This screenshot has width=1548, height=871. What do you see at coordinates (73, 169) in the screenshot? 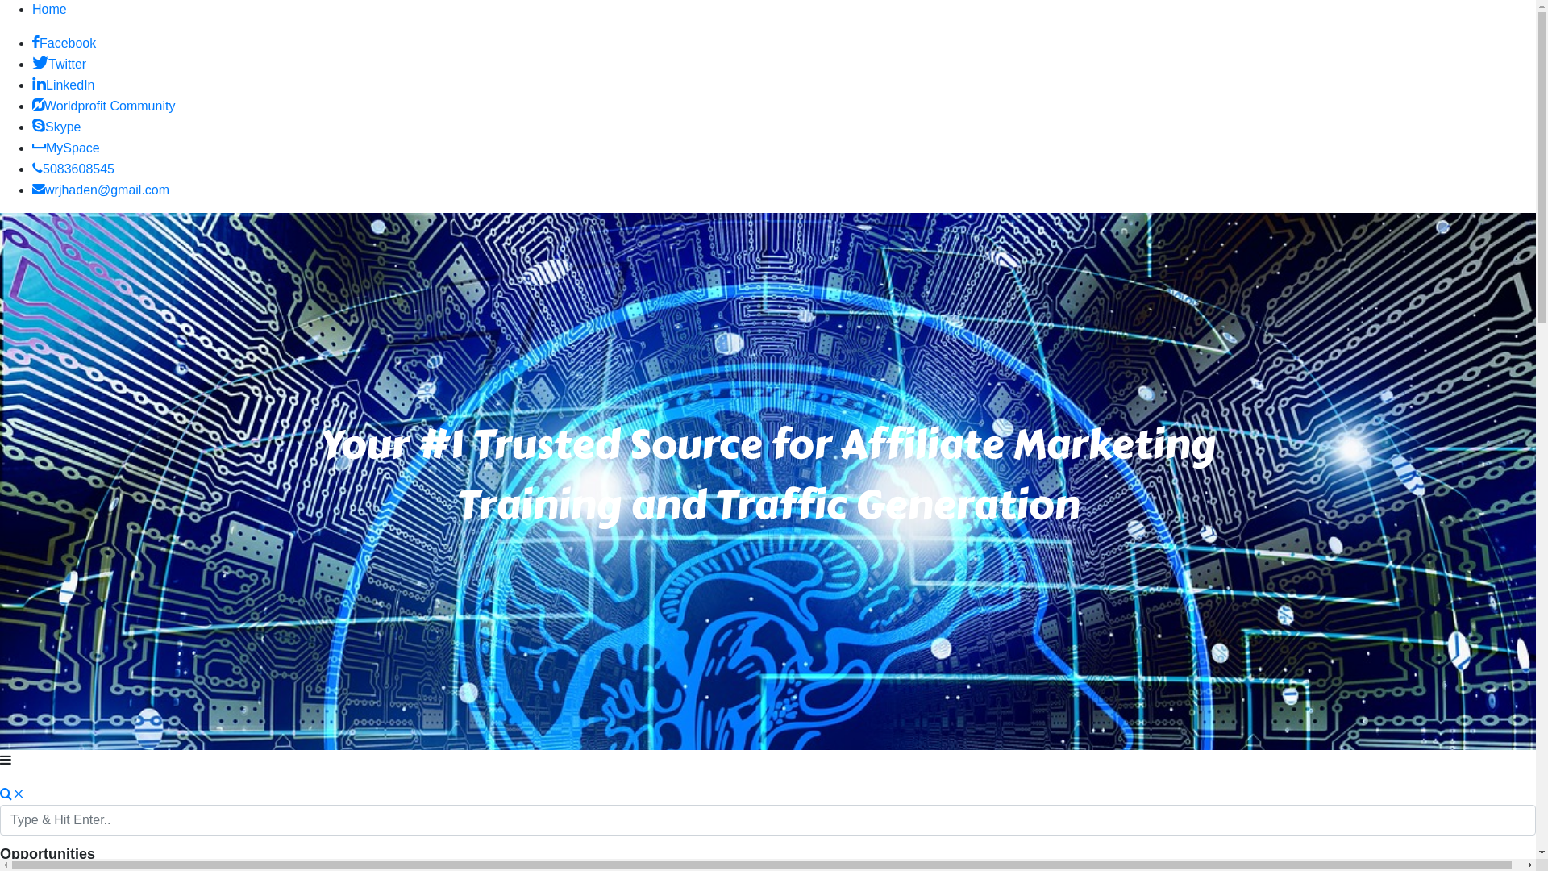
I see `'5083608545'` at bounding box center [73, 169].